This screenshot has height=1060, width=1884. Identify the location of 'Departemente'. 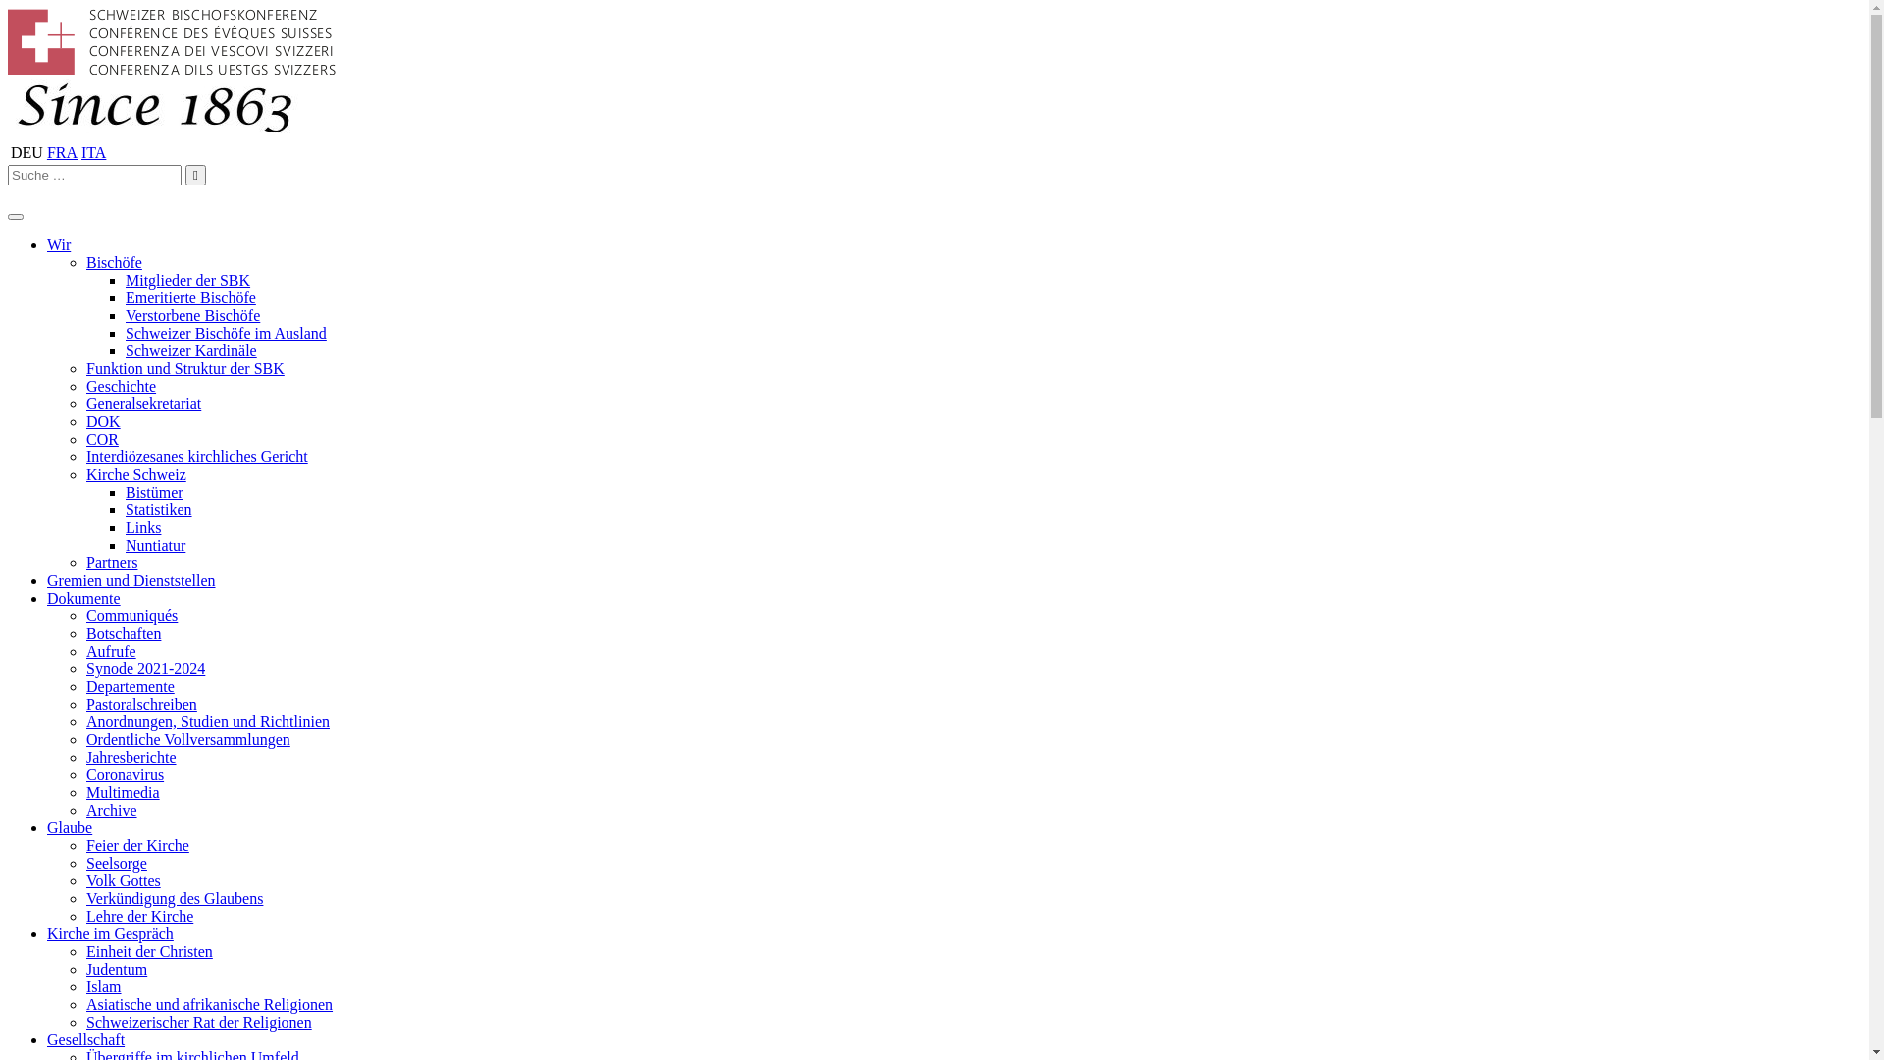
(130, 685).